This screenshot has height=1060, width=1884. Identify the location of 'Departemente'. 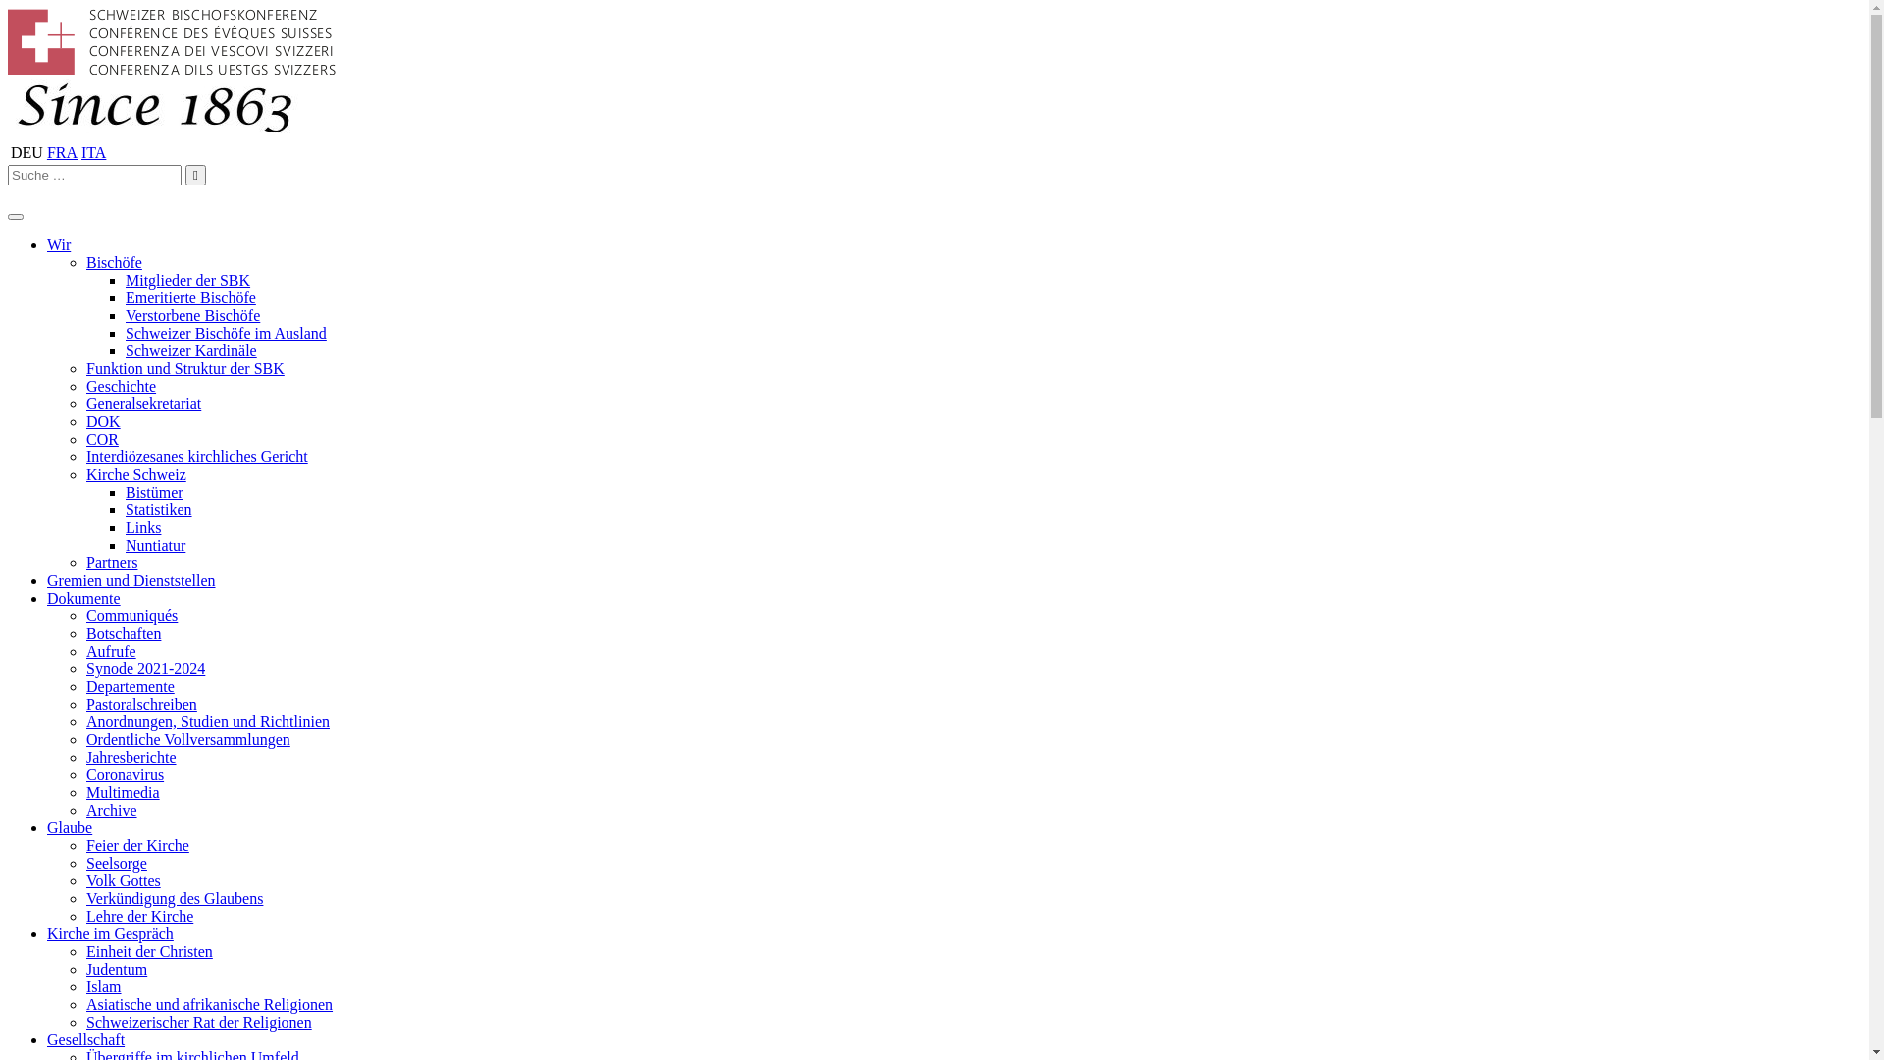
(130, 685).